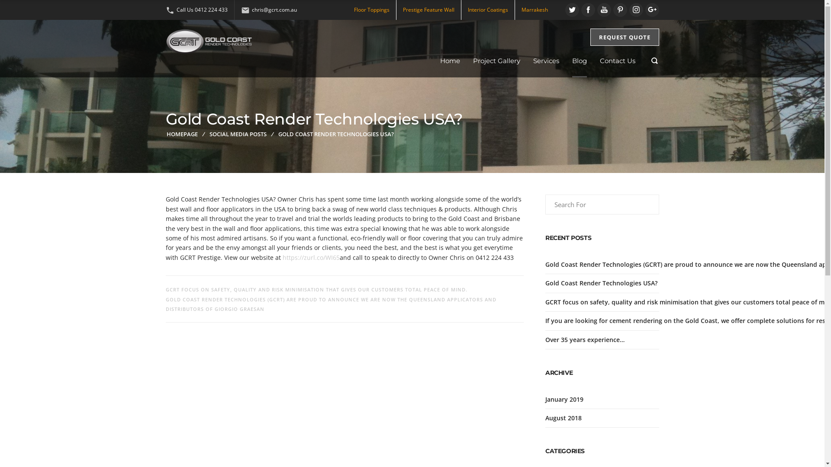 This screenshot has height=467, width=831. What do you see at coordinates (534, 10) in the screenshot?
I see `'Marrakesh'` at bounding box center [534, 10].